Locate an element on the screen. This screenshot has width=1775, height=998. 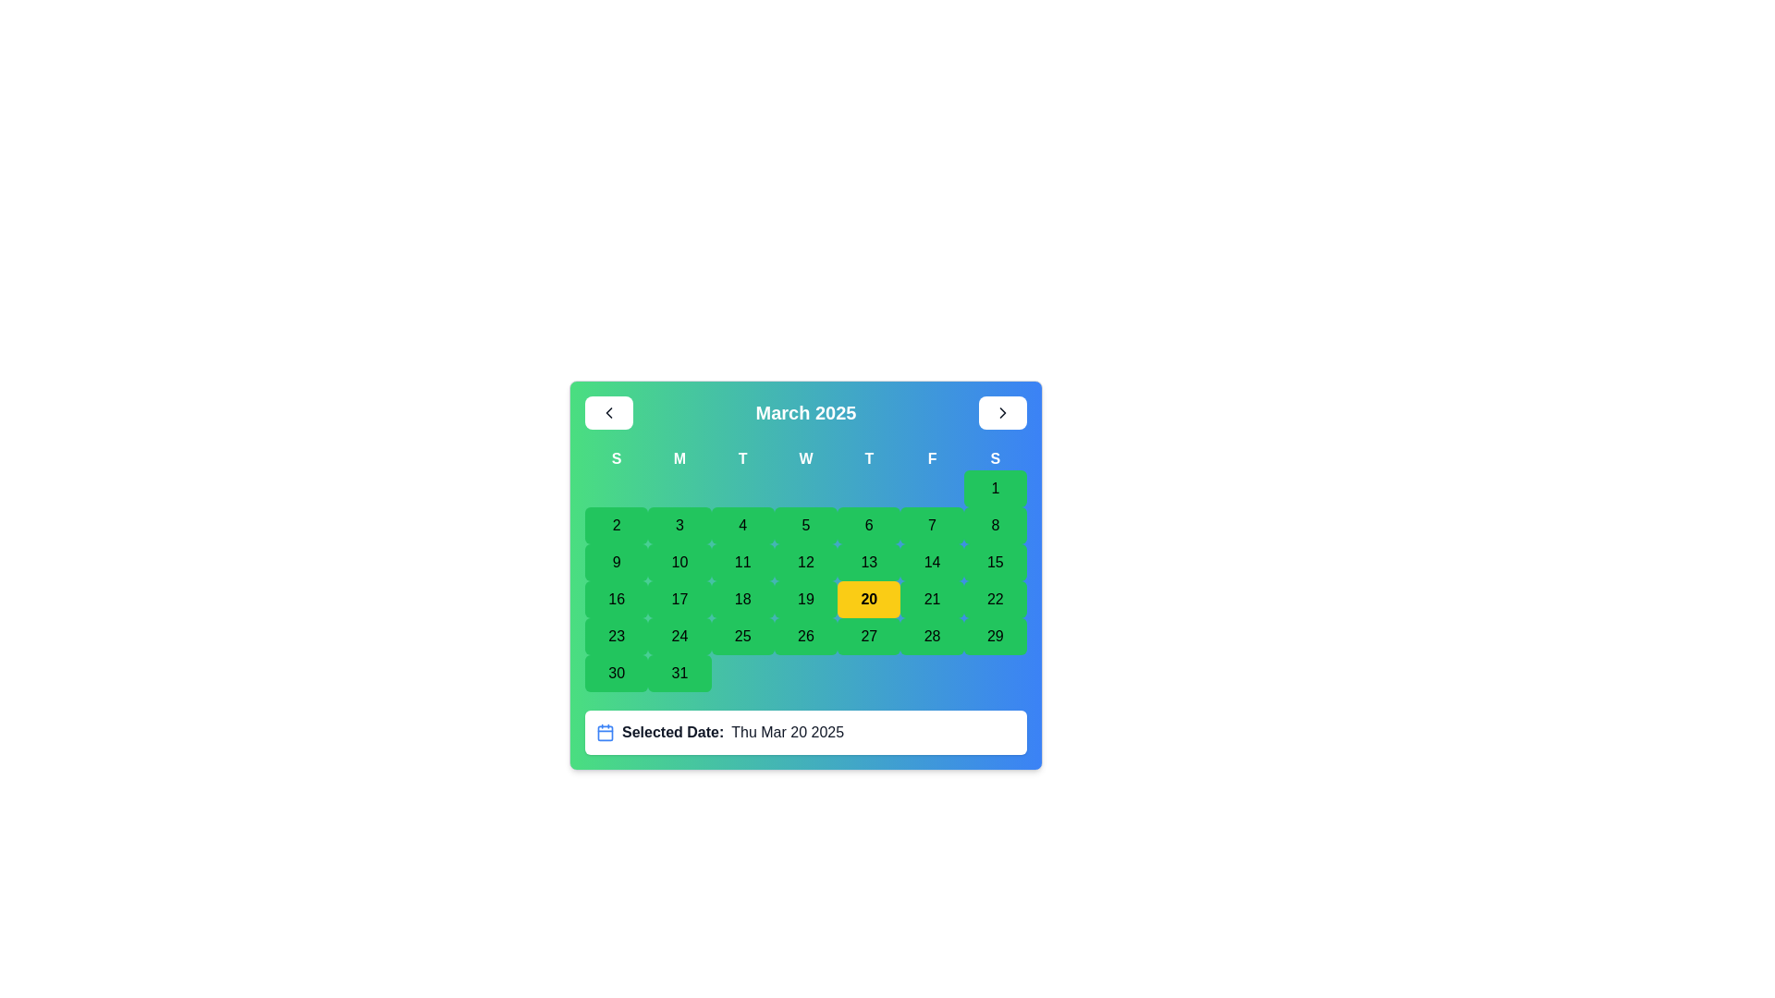
the chevron icon located in the button at the top-right corner of the calendar interface is located at coordinates (1001, 412).